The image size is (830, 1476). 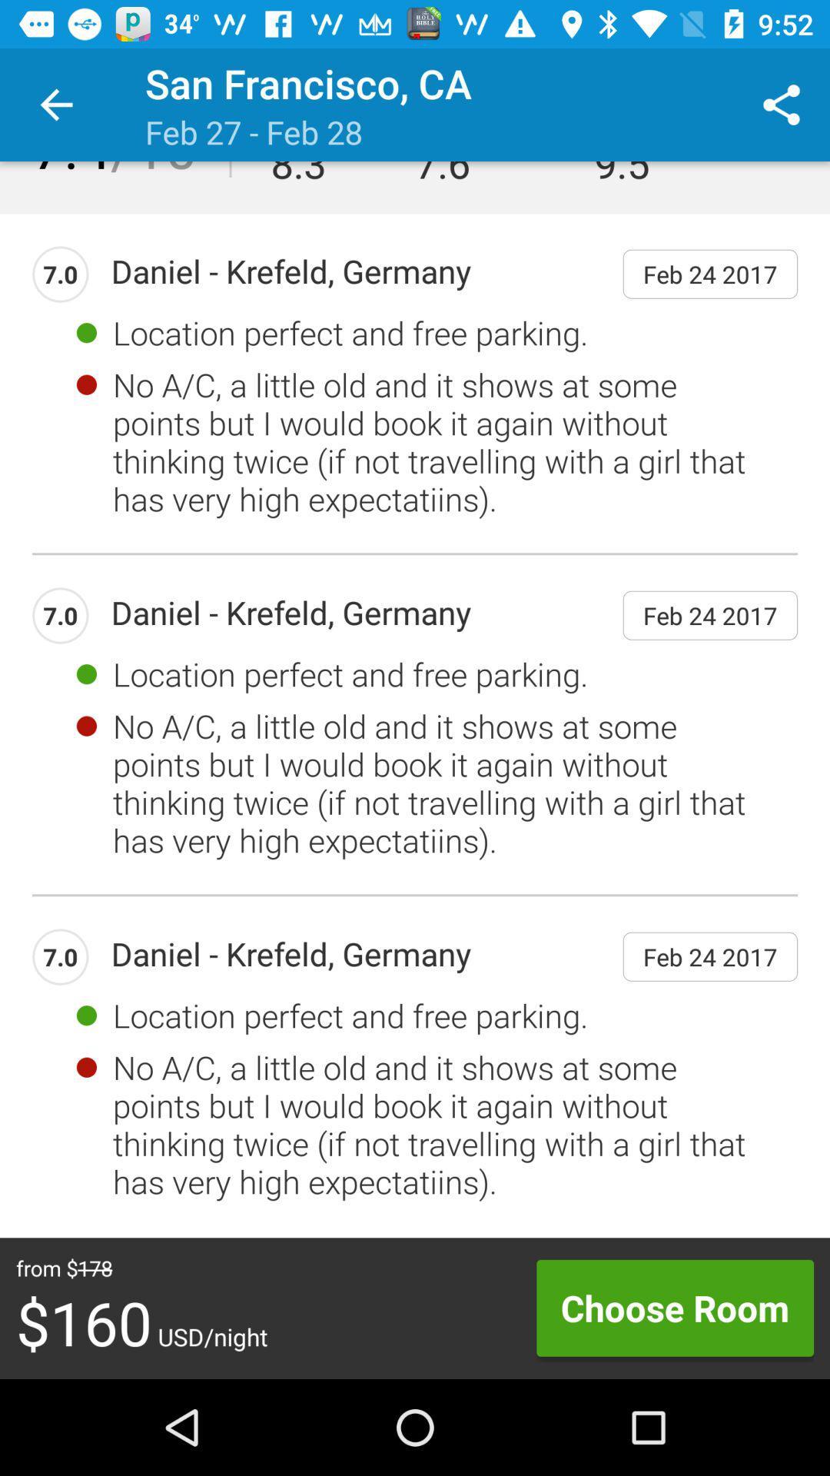 I want to click on the item to the left of the san francisco, ca, so click(x=55, y=104).